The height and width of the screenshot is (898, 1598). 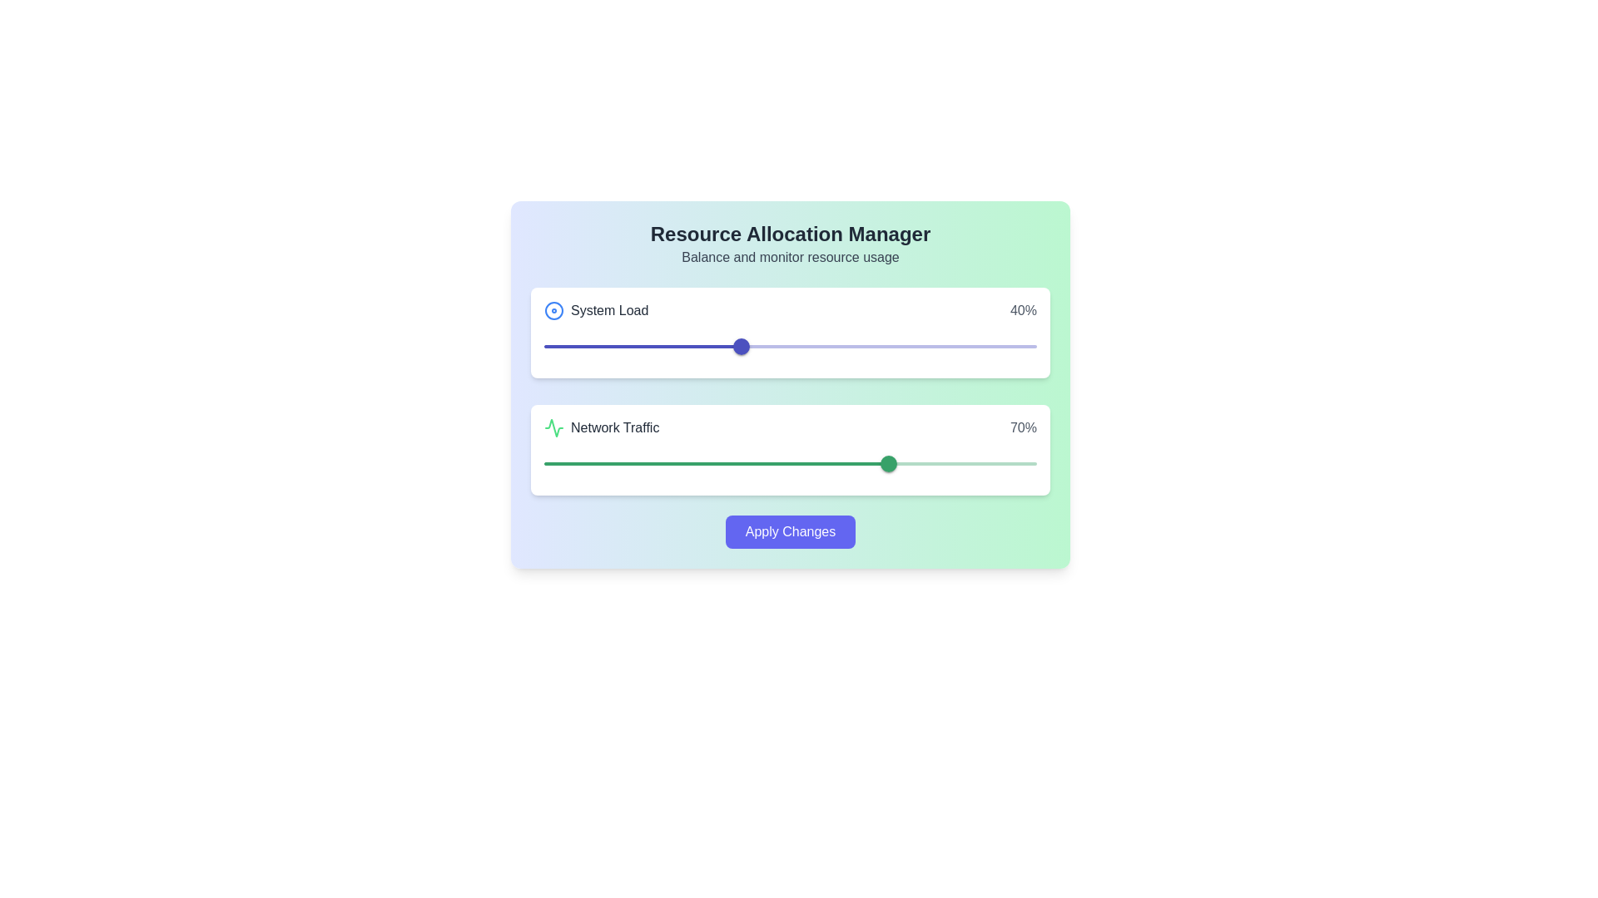 What do you see at coordinates (790, 532) in the screenshot?
I see `the call-to-action button at the bottom-center of the resource management card to observe the visual change` at bounding box center [790, 532].